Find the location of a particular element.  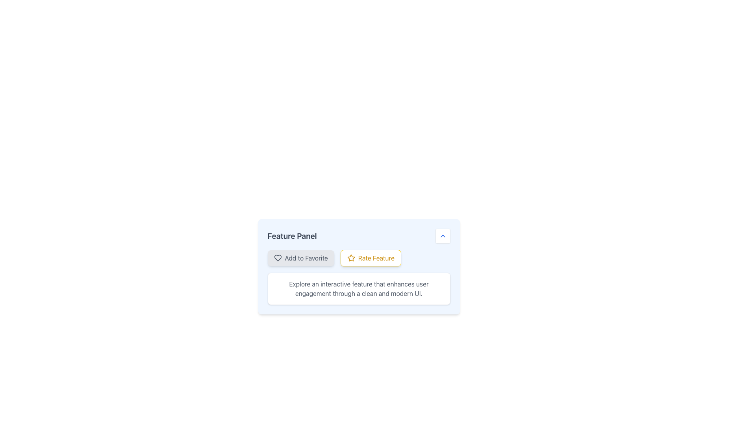

the first button on the left that allows users to mark the current feature as a favorite is located at coordinates (300, 258).